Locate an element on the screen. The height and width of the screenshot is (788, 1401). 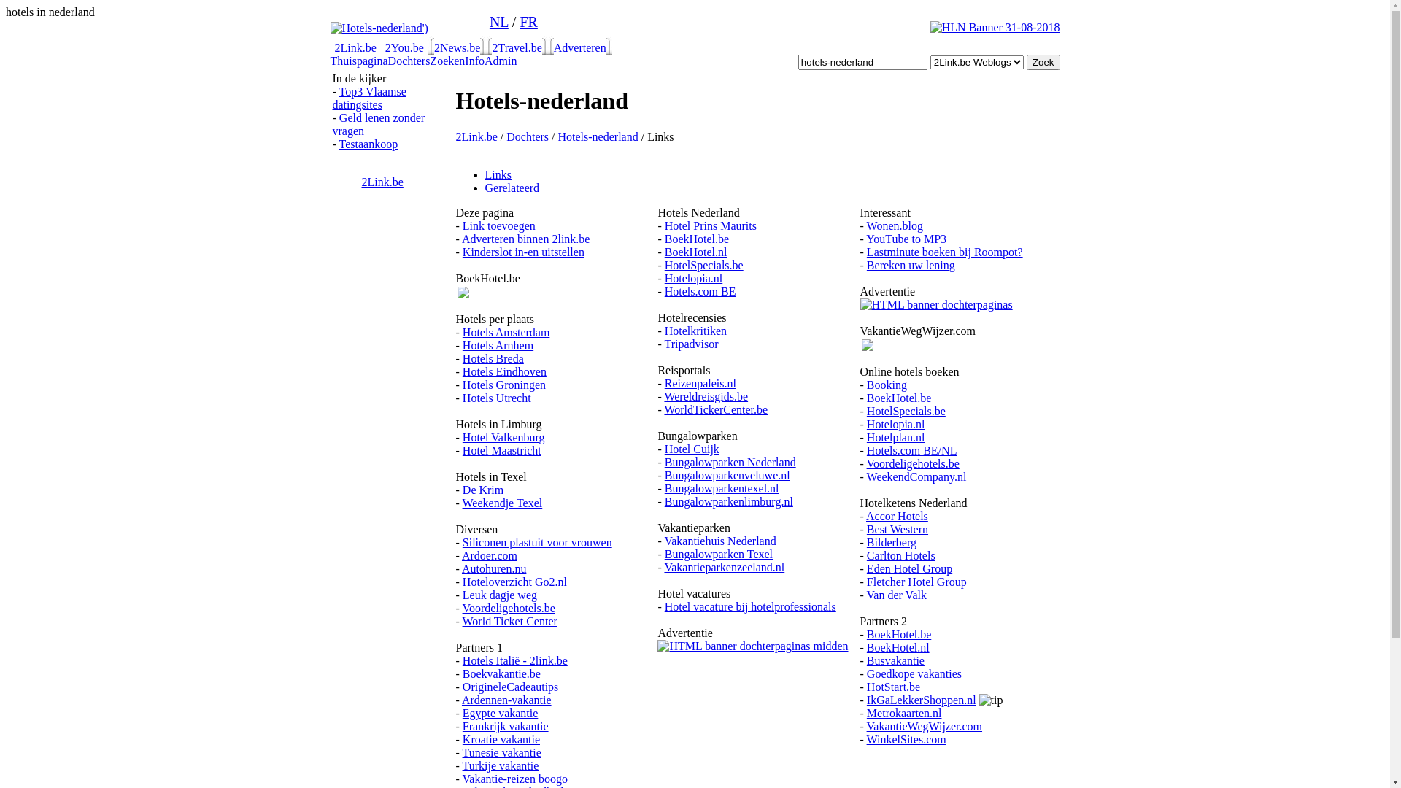
'Voordeligehotels.be' is located at coordinates (509, 608).